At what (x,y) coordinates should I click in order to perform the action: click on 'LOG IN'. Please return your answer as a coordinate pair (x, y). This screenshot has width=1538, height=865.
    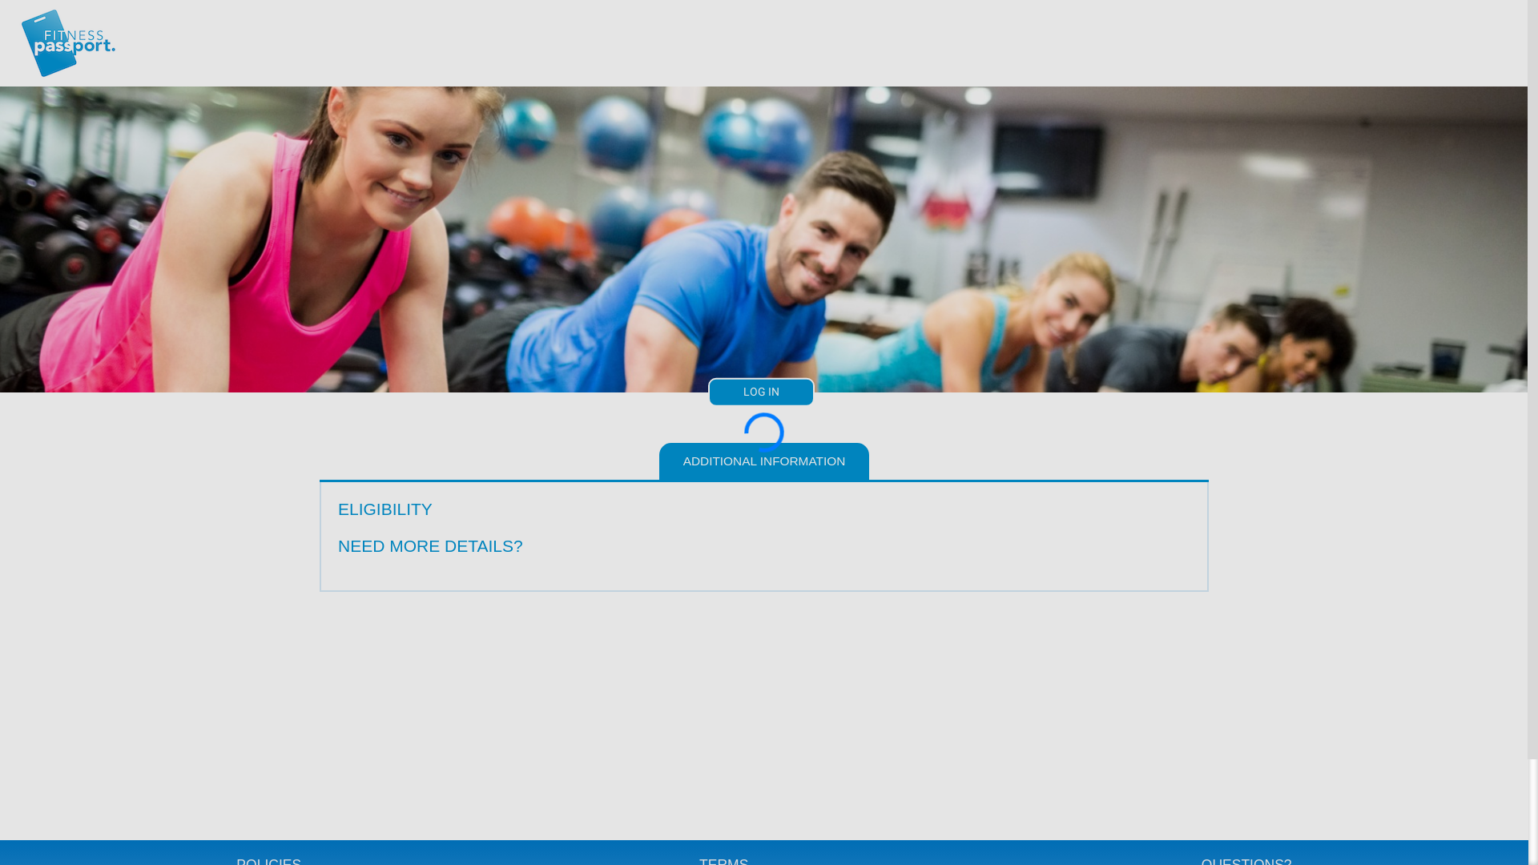
    Looking at the image, I should click on (707, 392).